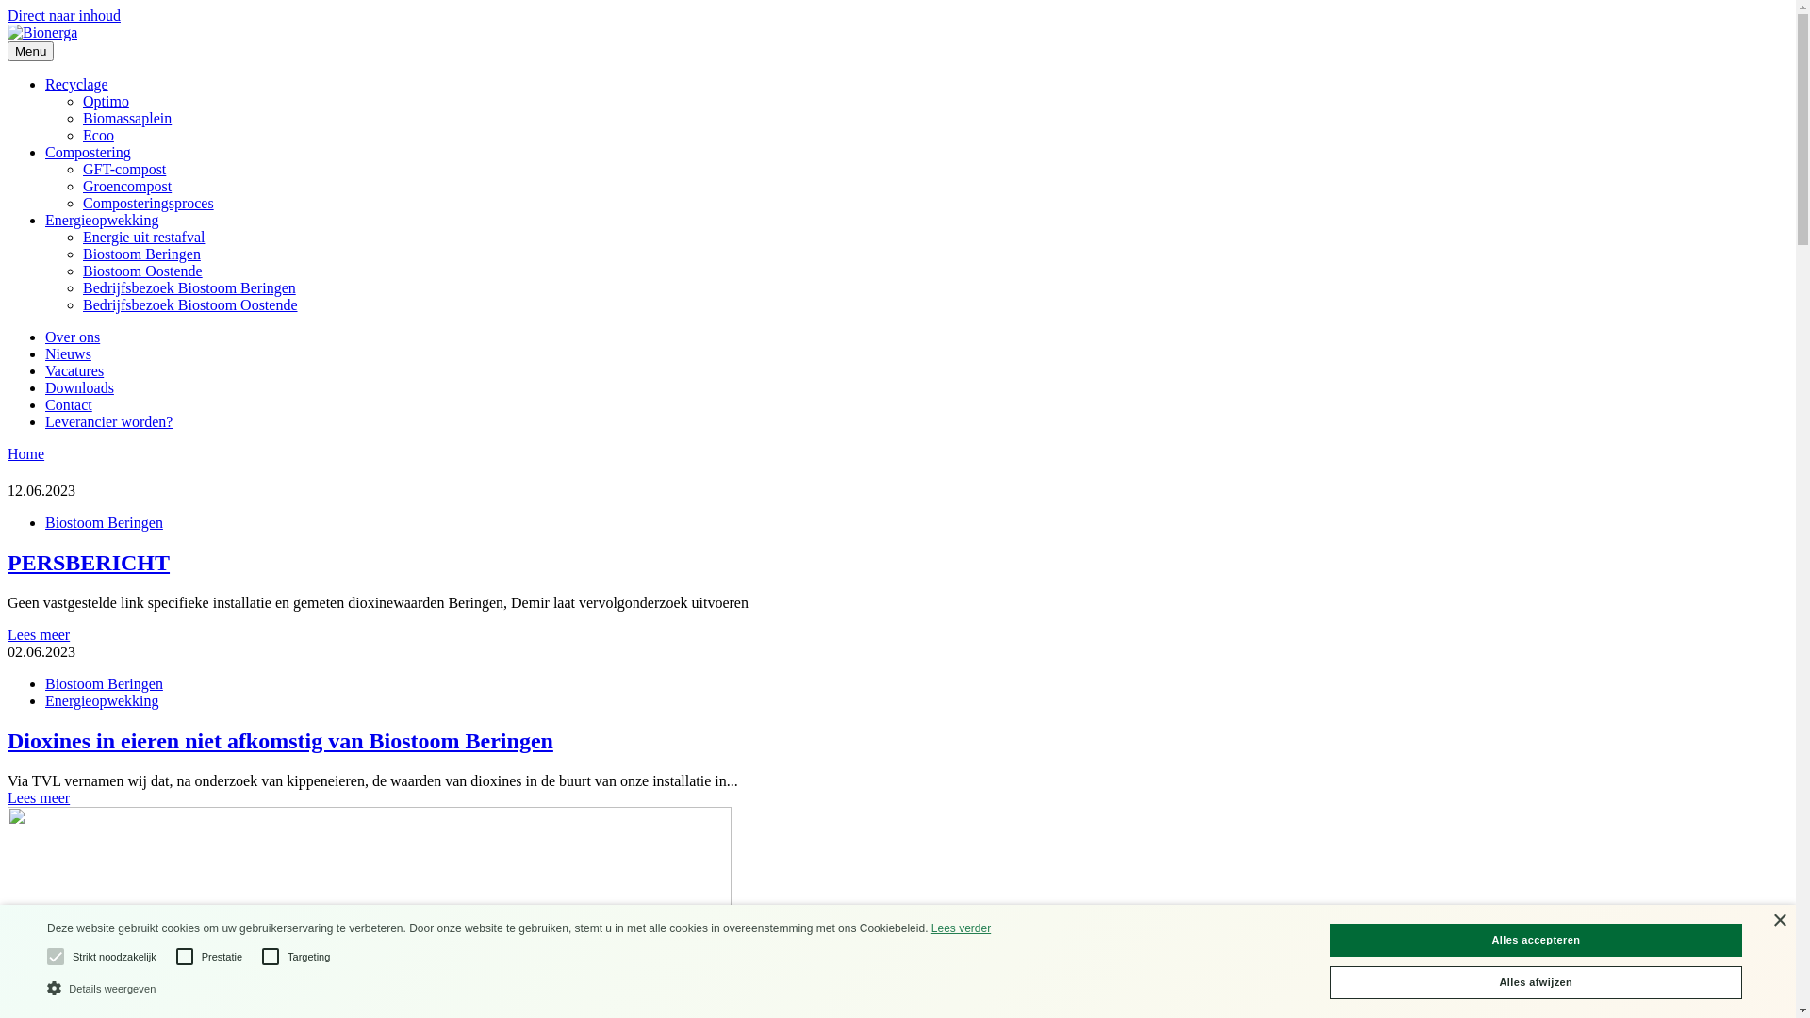  What do you see at coordinates (147, 203) in the screenshot?
I see `'Composteringsproces'` at bounding box center [147, 203].